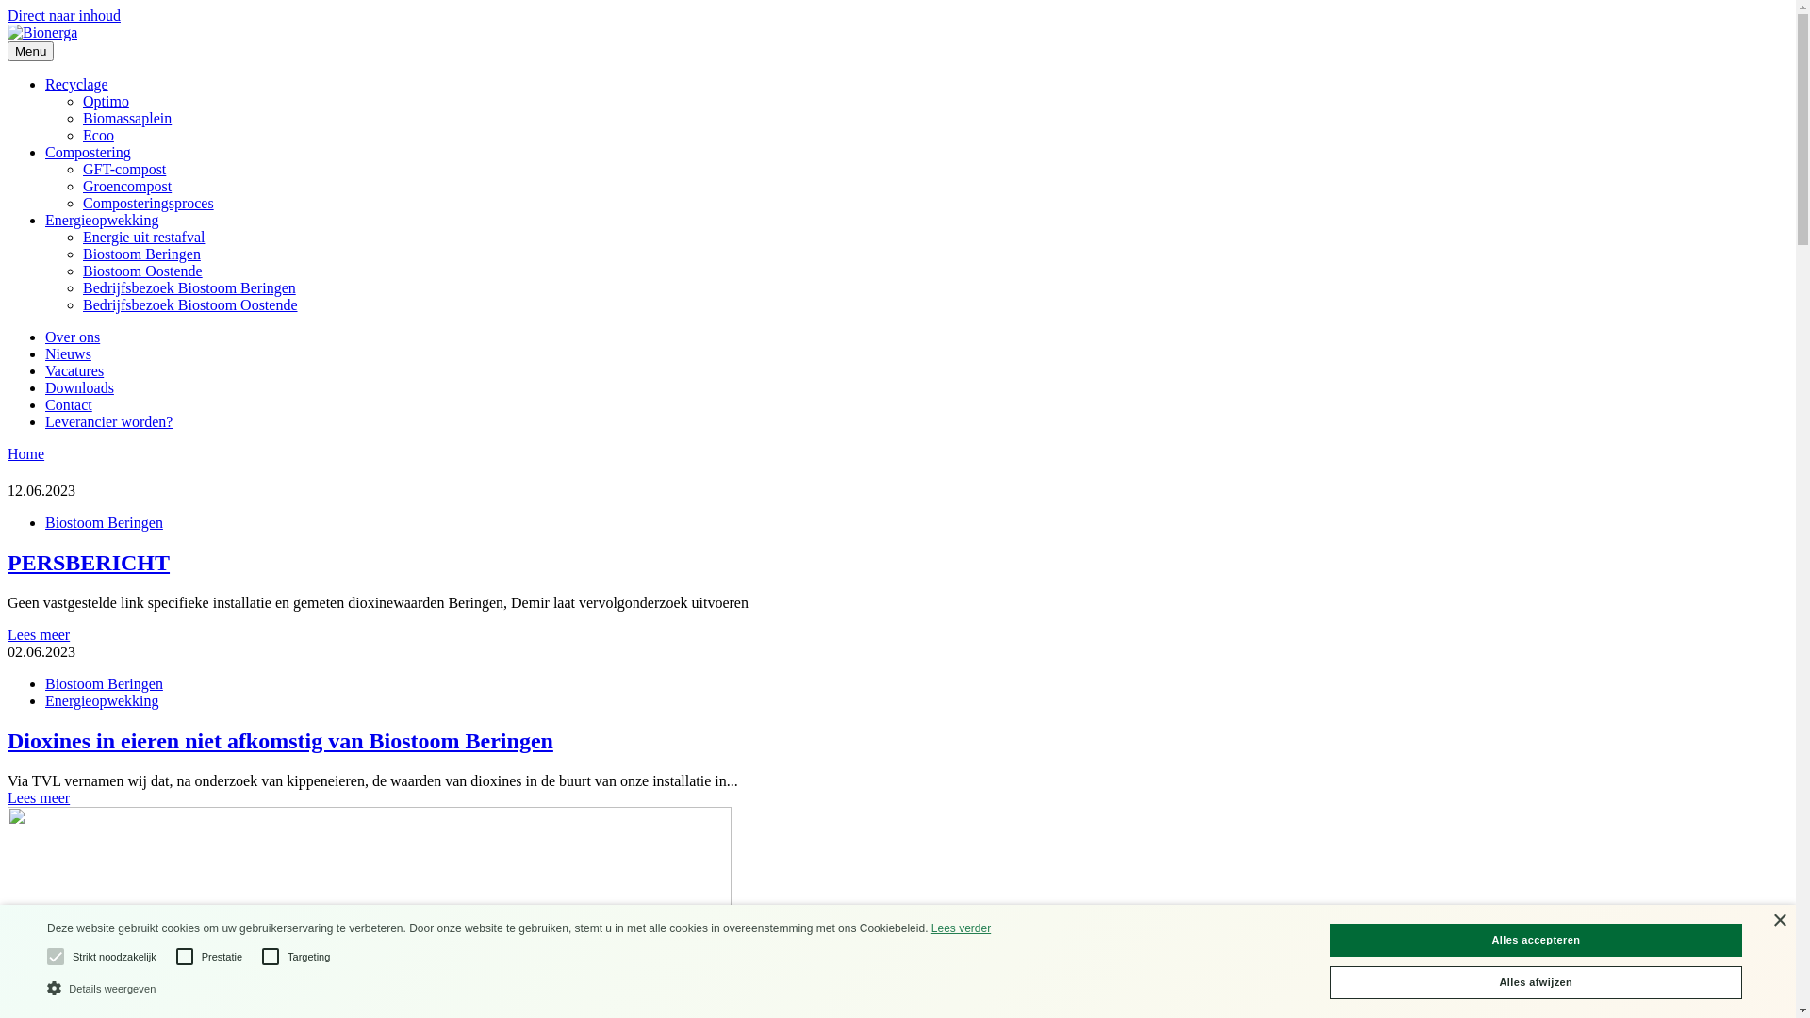  What do you see at coordinates (147, 203) in the screenshot?
I see `'Composteringsproces'` at bounding box center [147, 203].